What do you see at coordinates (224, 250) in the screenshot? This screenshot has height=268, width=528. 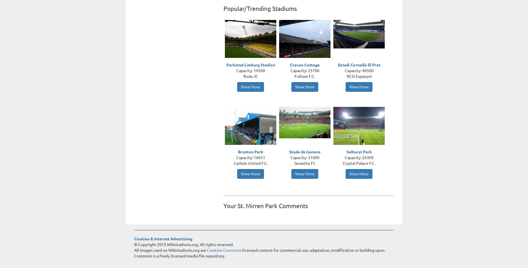 I see `'Creative Commons'` at bounding box center [224, 250].